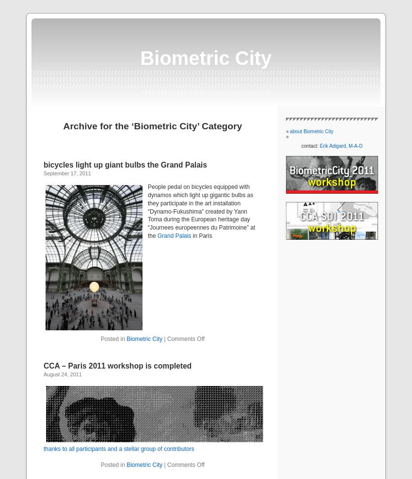 This screenshot has width=412, height=479. What do you see at coordinates (289, 131) in the screenshot?
I see `'about Biometric City'` at bounding box center [289, 131].